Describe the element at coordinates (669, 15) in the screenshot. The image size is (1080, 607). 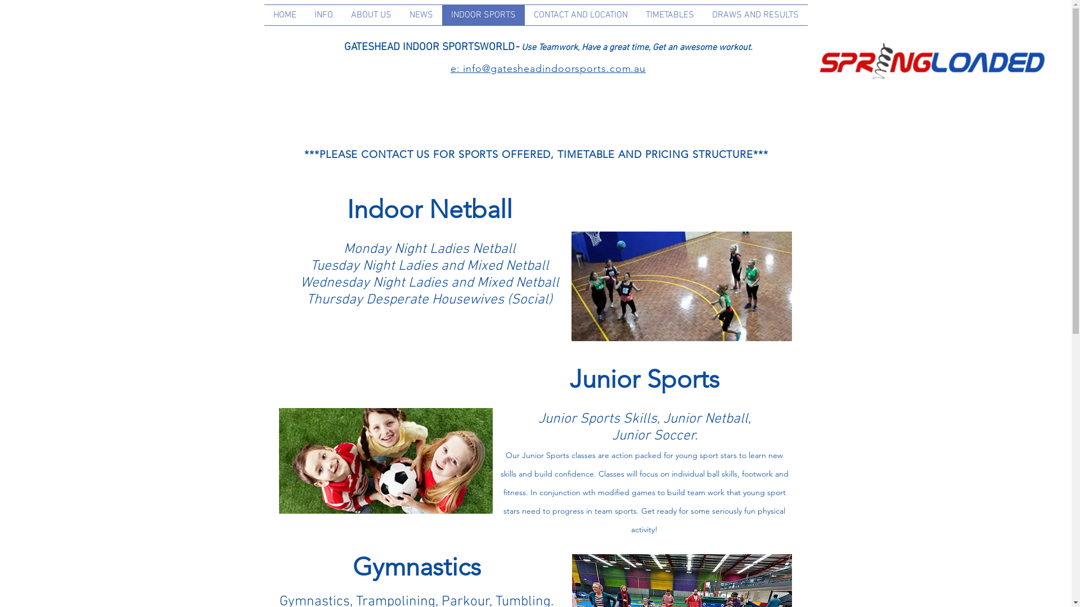
I see `'TIMETABLES'` at that location.